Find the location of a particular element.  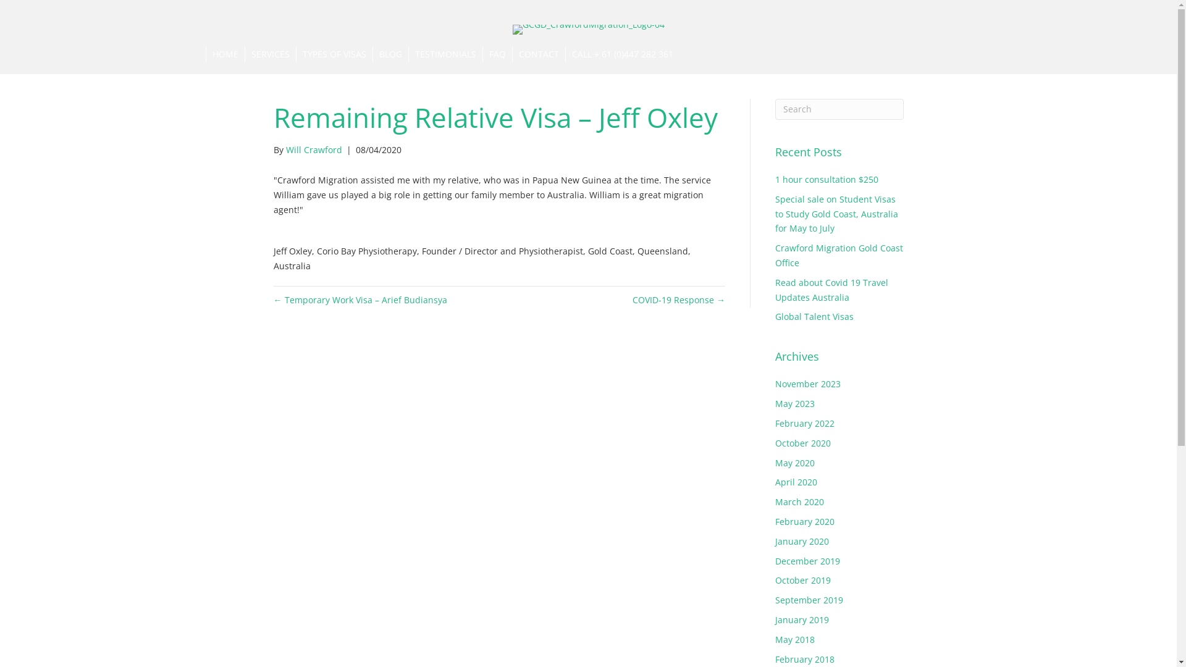

'November 2023' is located at coordinates (808, 383).